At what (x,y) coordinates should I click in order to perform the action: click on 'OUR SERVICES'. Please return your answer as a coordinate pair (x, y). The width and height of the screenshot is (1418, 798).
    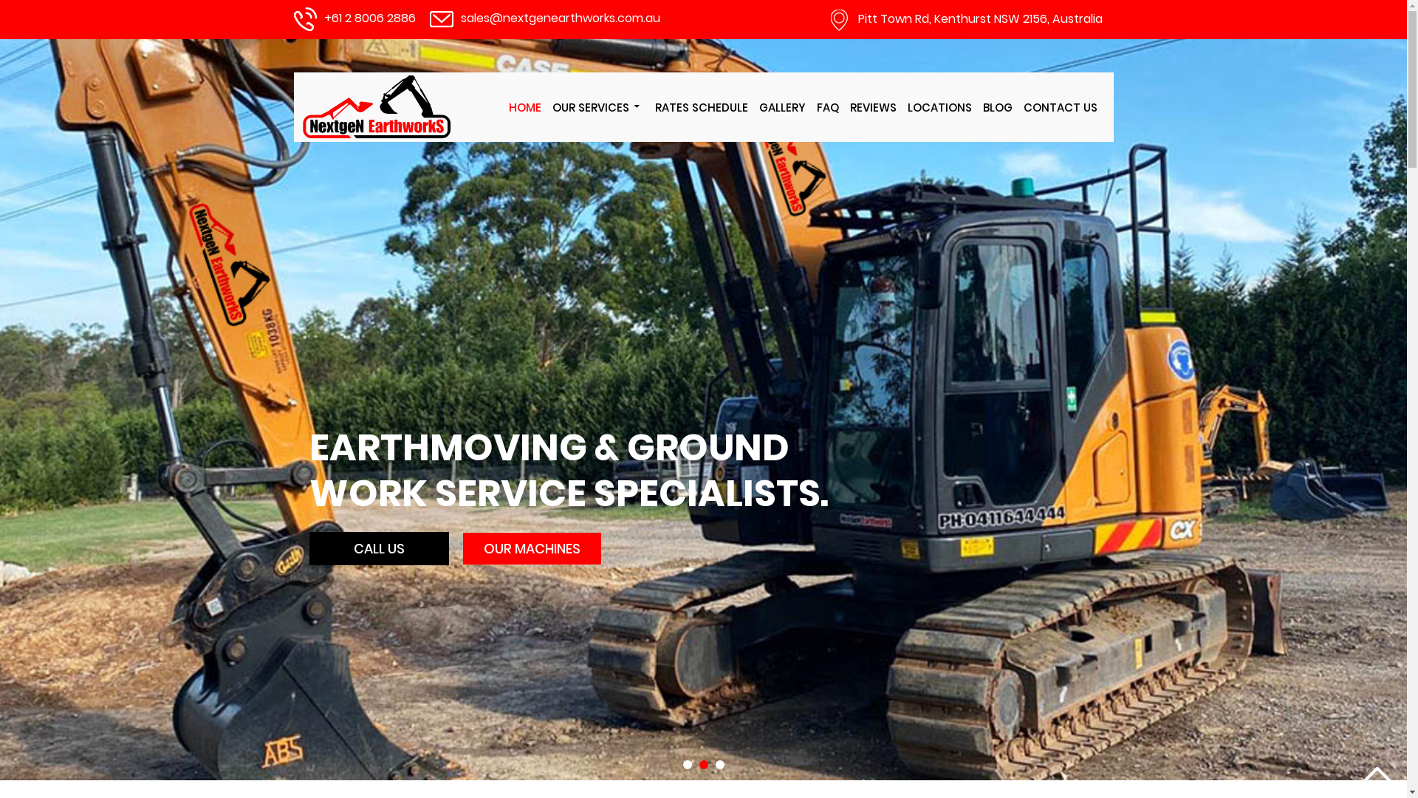
    Looking at the image, I should click on (598, 106).